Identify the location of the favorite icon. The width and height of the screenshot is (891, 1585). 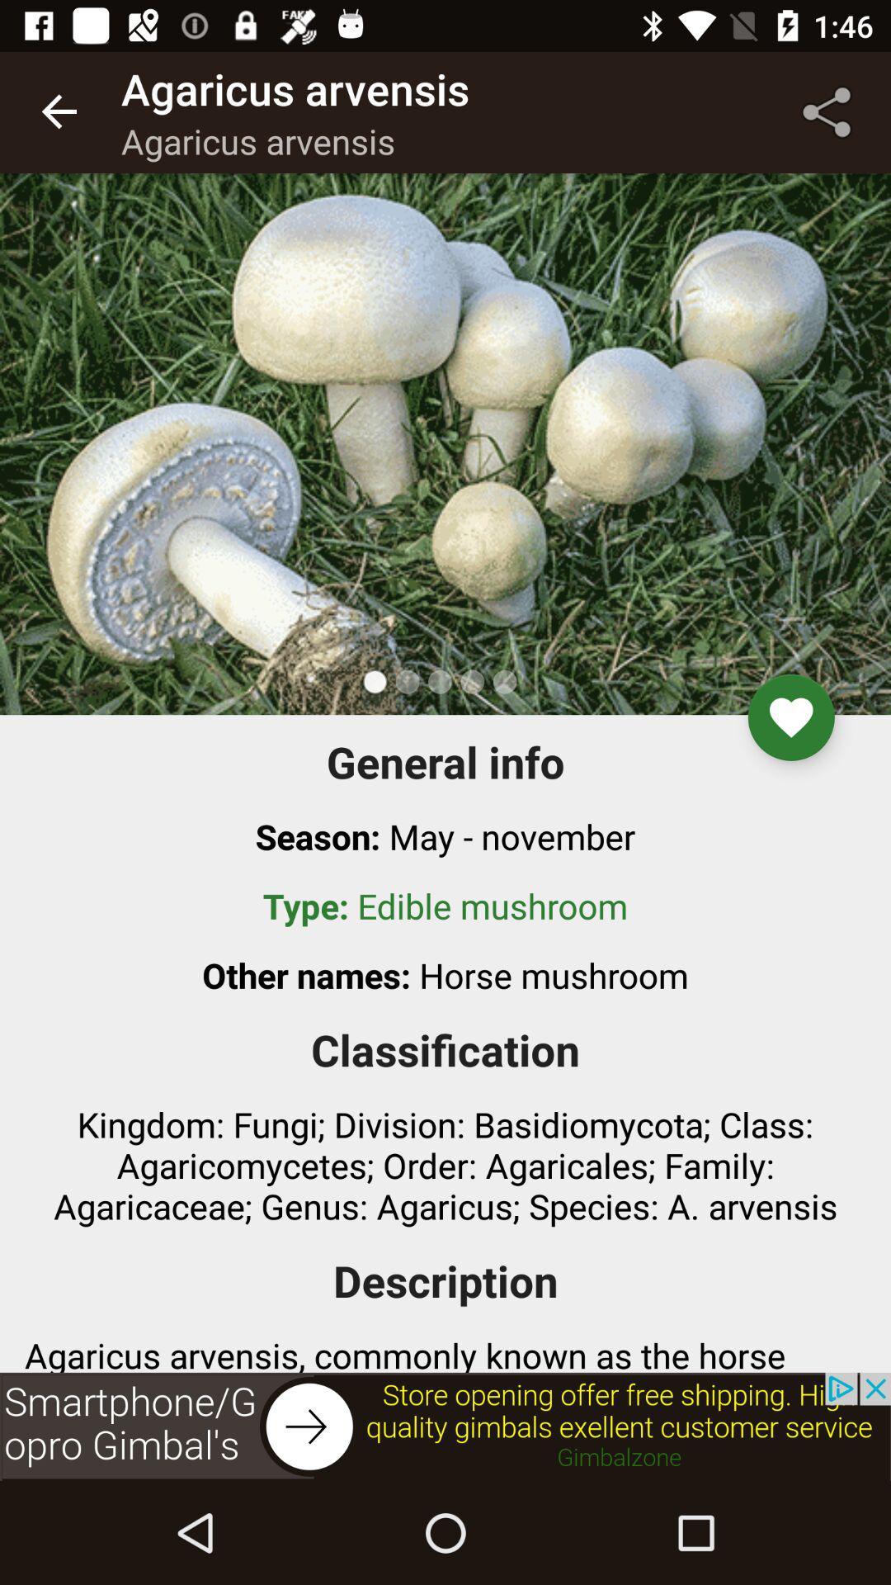
(790, 717).